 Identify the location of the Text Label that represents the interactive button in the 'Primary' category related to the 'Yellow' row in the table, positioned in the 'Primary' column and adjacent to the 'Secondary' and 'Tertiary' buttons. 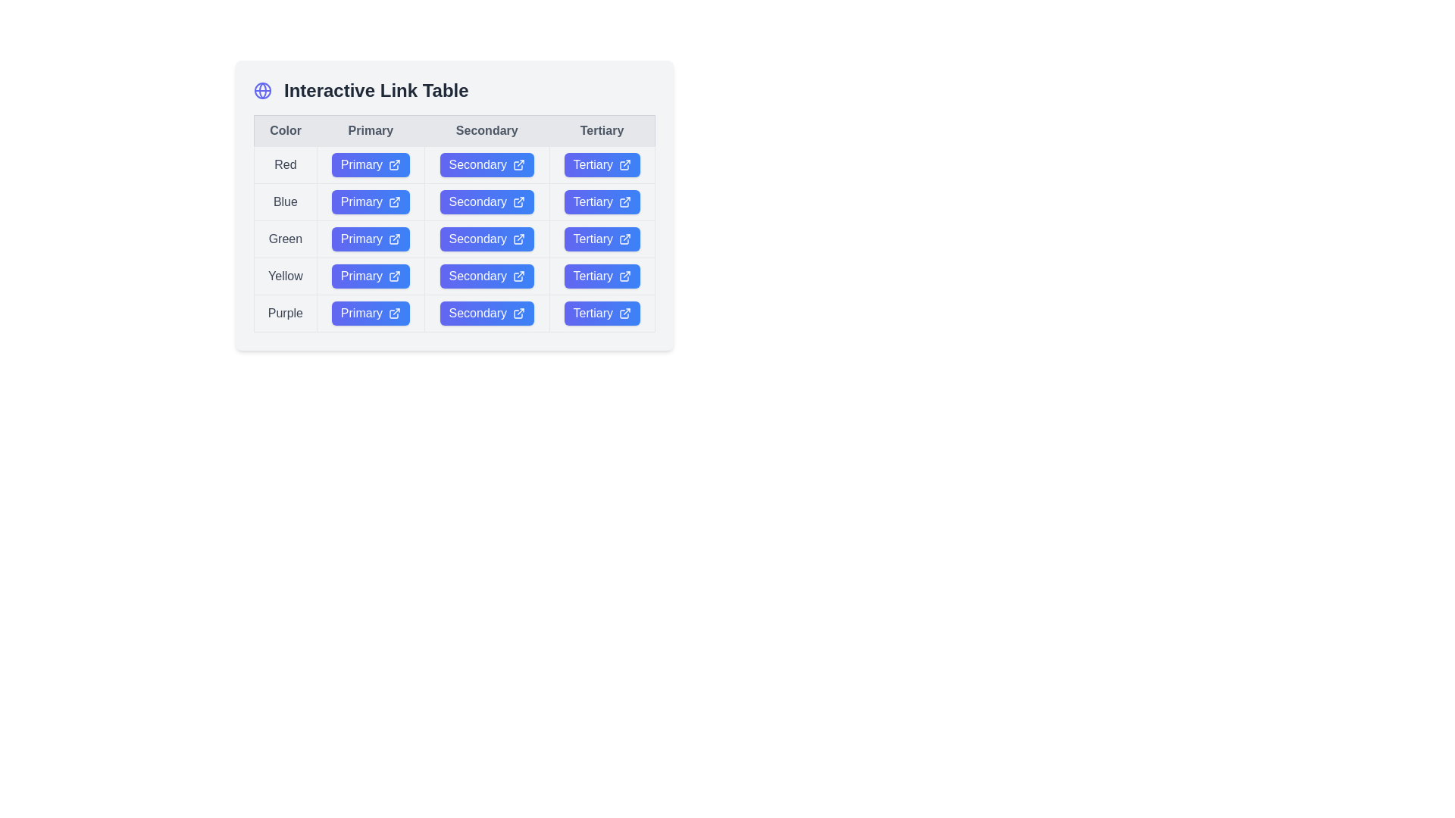
(361, 276).